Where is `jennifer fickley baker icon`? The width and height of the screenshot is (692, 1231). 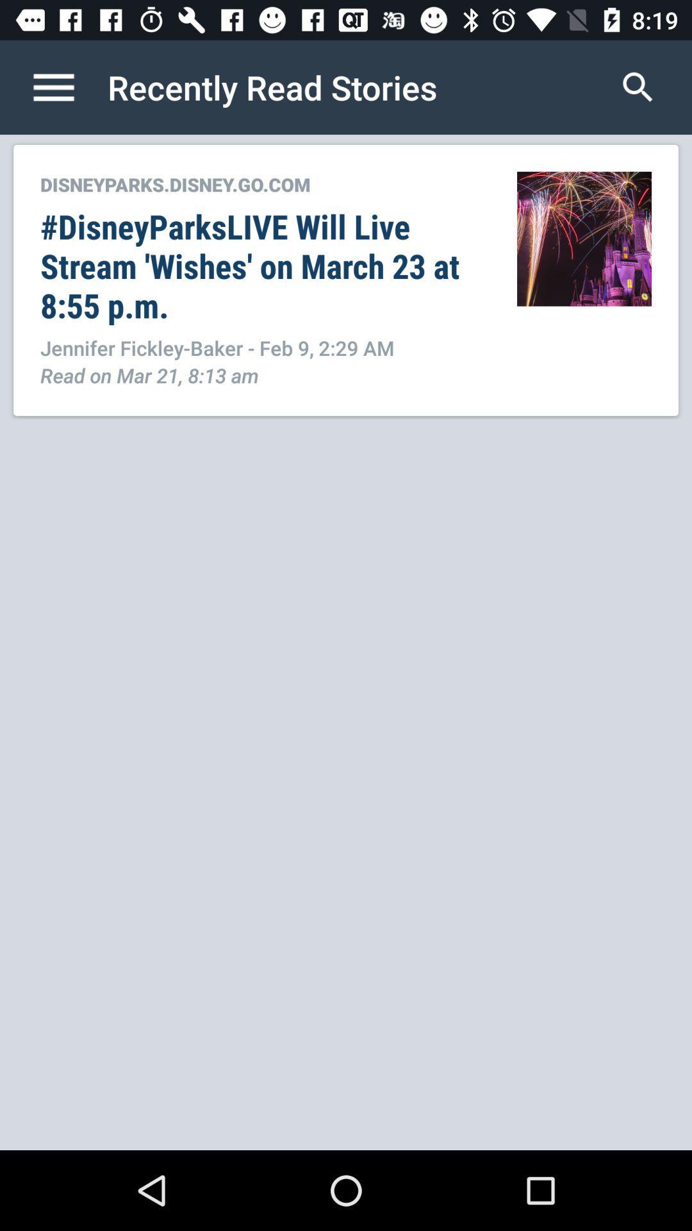
jennifer fickley baker icon is located at coordinates (264, 348).